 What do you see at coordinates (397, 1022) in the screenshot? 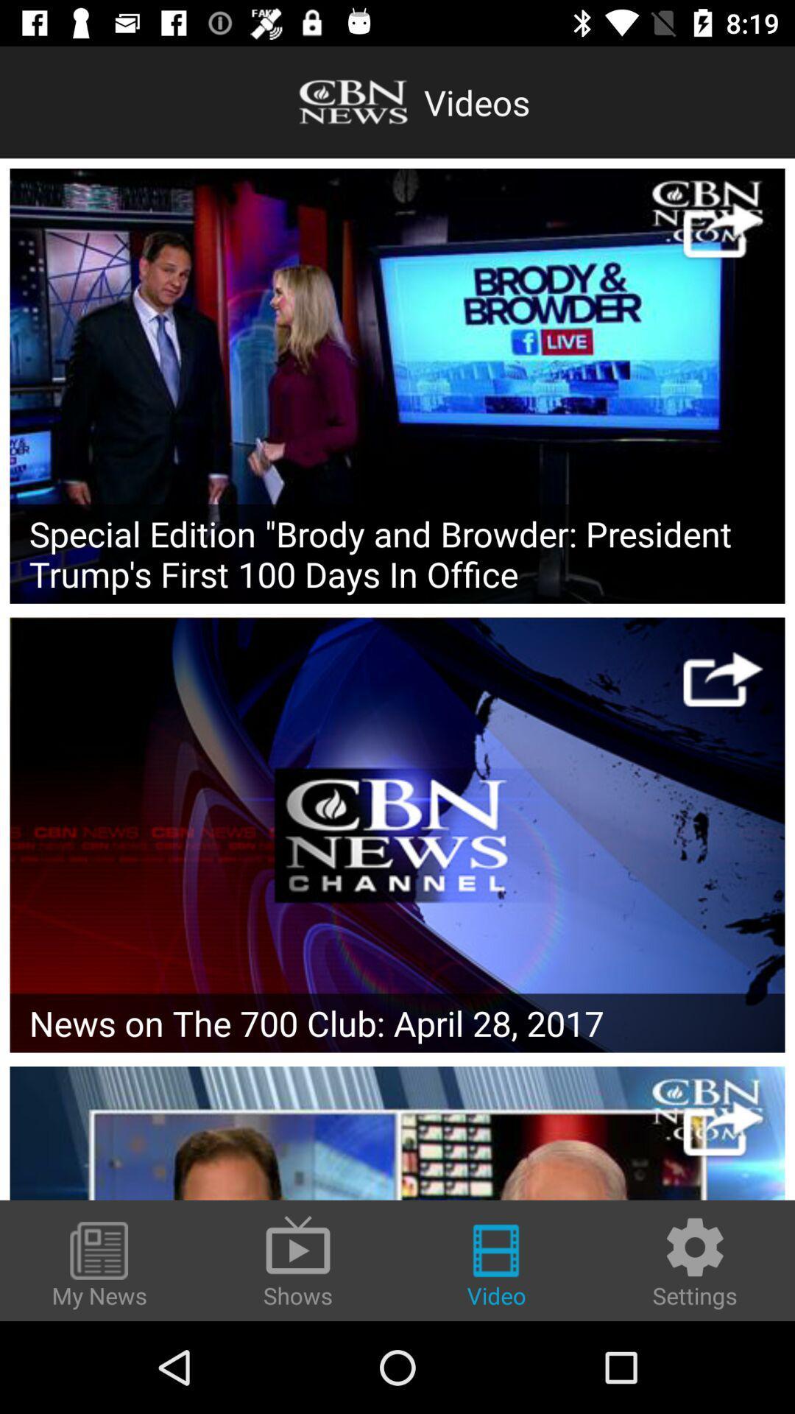
I see `the news on the icon` at bounding box center [397, 1022].